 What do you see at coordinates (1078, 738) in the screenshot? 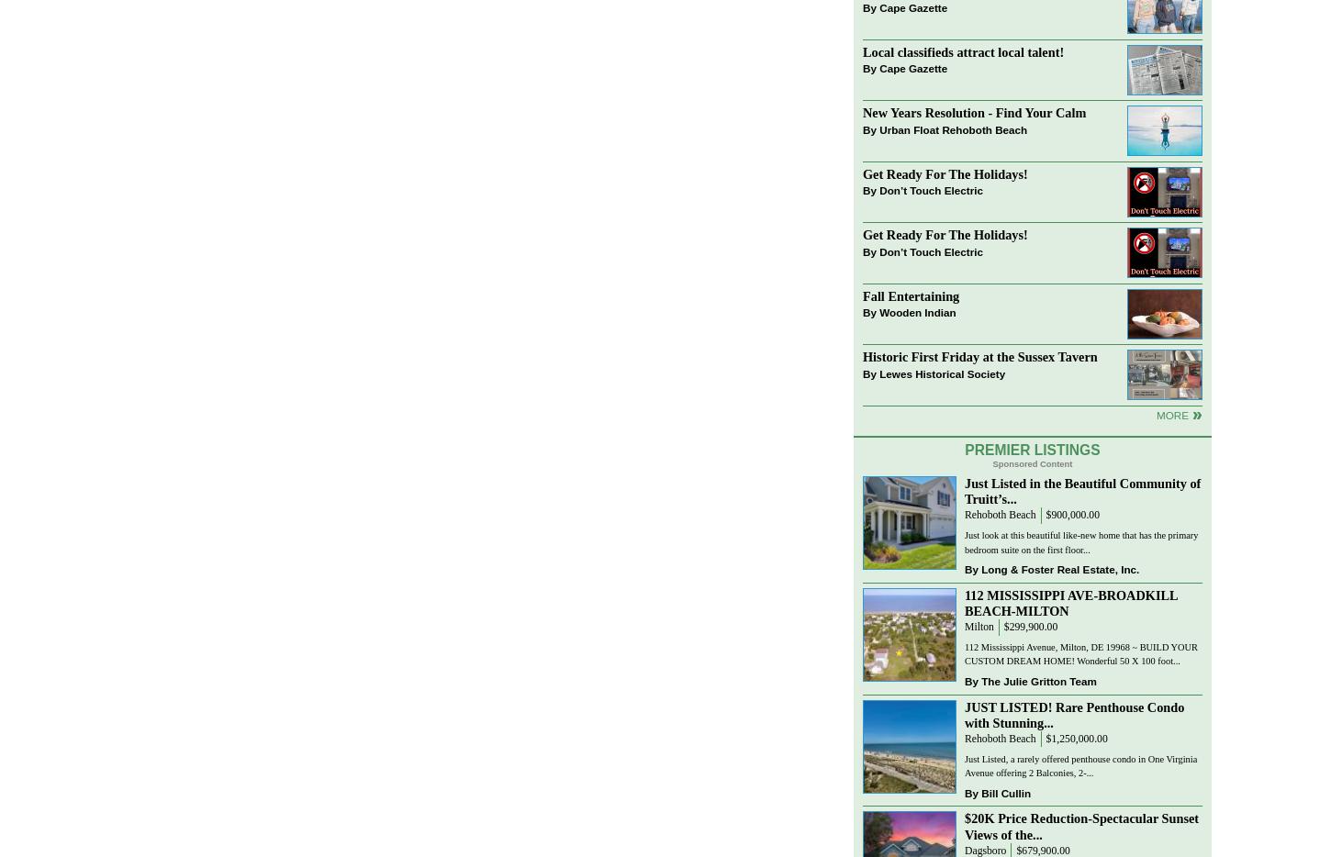
I see `'1,250,000.00'` at bounding box center [1078, 738].